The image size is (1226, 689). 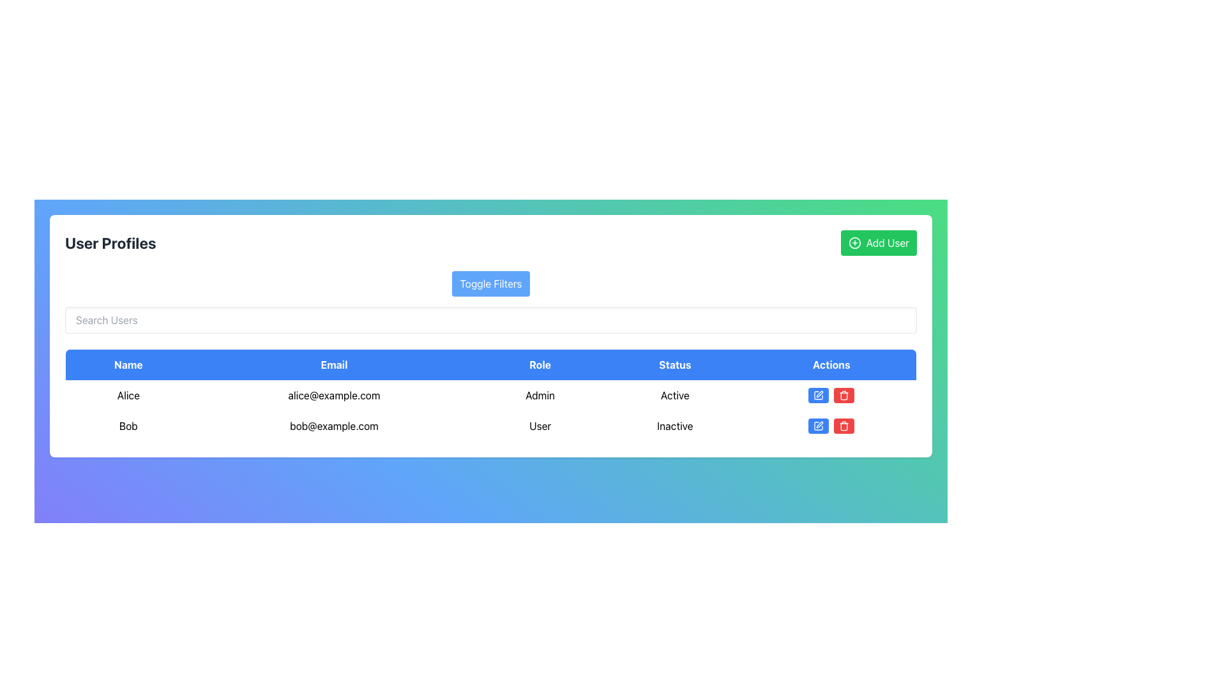 I want to click on the delete button located in the 'Actions' column of the second row in the user list table, so click(x=844, y=426).